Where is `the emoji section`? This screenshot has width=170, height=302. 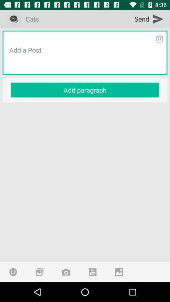 the emoji section is located at coordinates (13, 271).